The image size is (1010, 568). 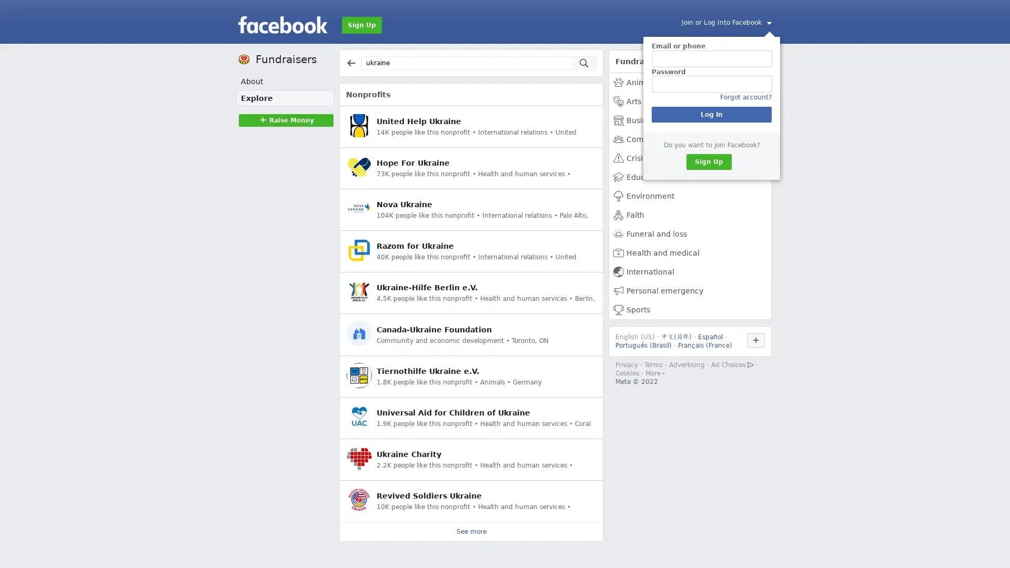 I want to click on Use Facebook in another language., so click(x=755, y=340).